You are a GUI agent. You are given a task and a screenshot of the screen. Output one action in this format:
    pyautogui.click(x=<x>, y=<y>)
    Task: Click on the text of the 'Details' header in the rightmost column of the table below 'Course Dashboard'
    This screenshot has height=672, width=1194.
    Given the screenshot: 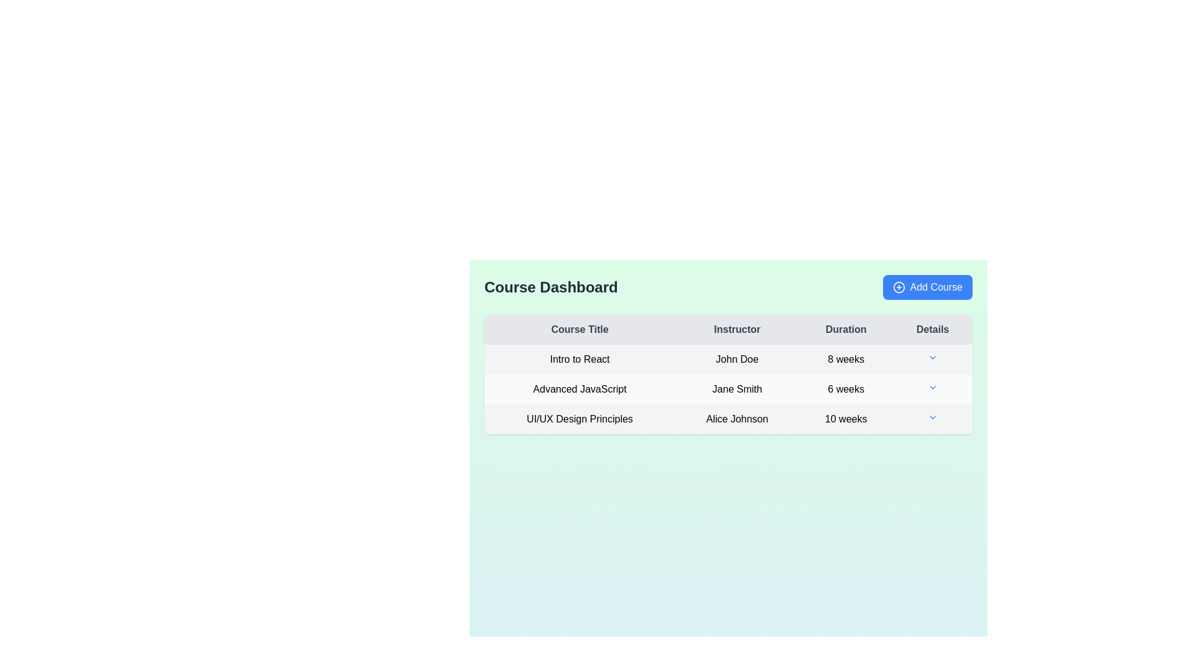 What is the action you would take?
    pyautogui.click(x=933, y=329)
    